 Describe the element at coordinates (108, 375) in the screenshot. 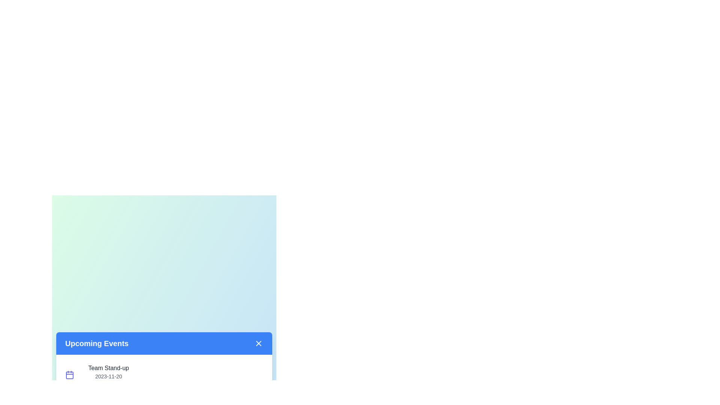

I see `the event details to select the text` at that location.